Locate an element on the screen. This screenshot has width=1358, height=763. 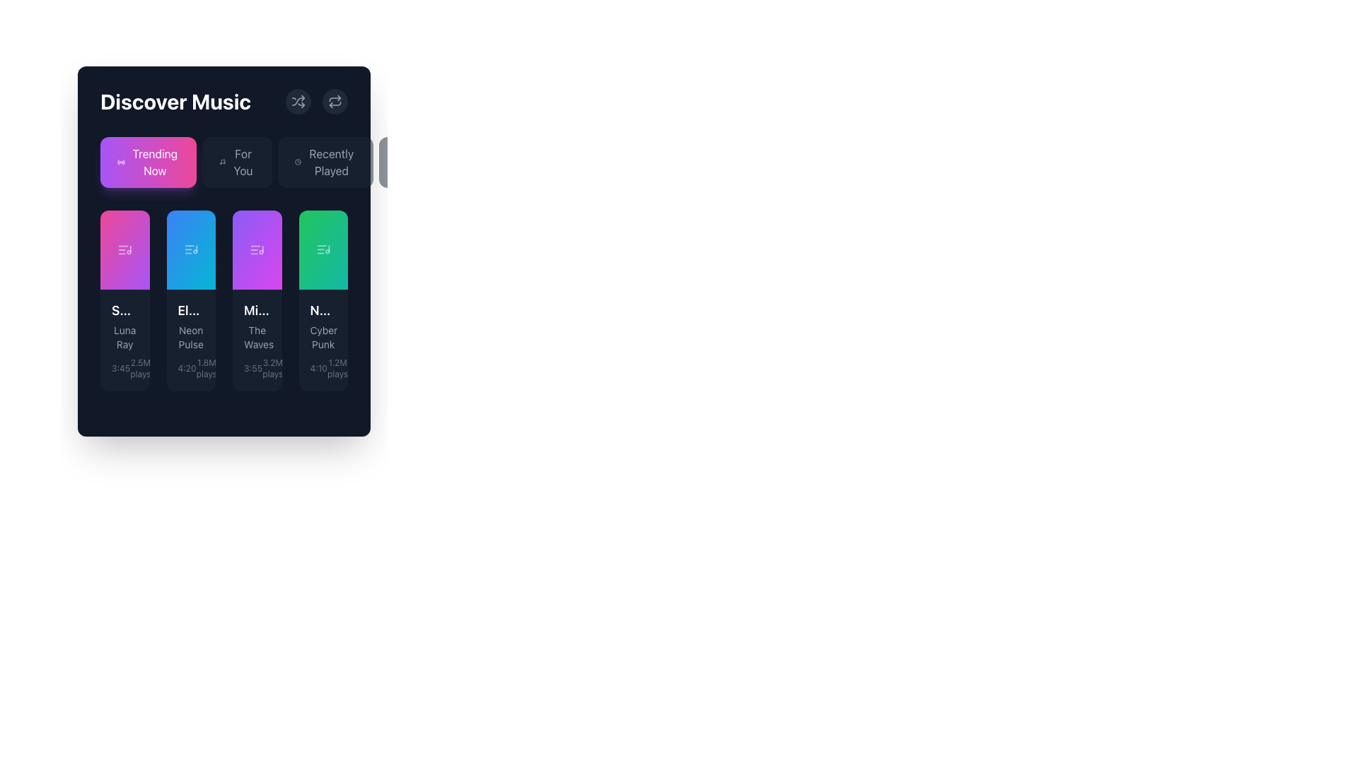
the third List Item Card in the 'Discover Music' section is located at coordinates (257, 300).